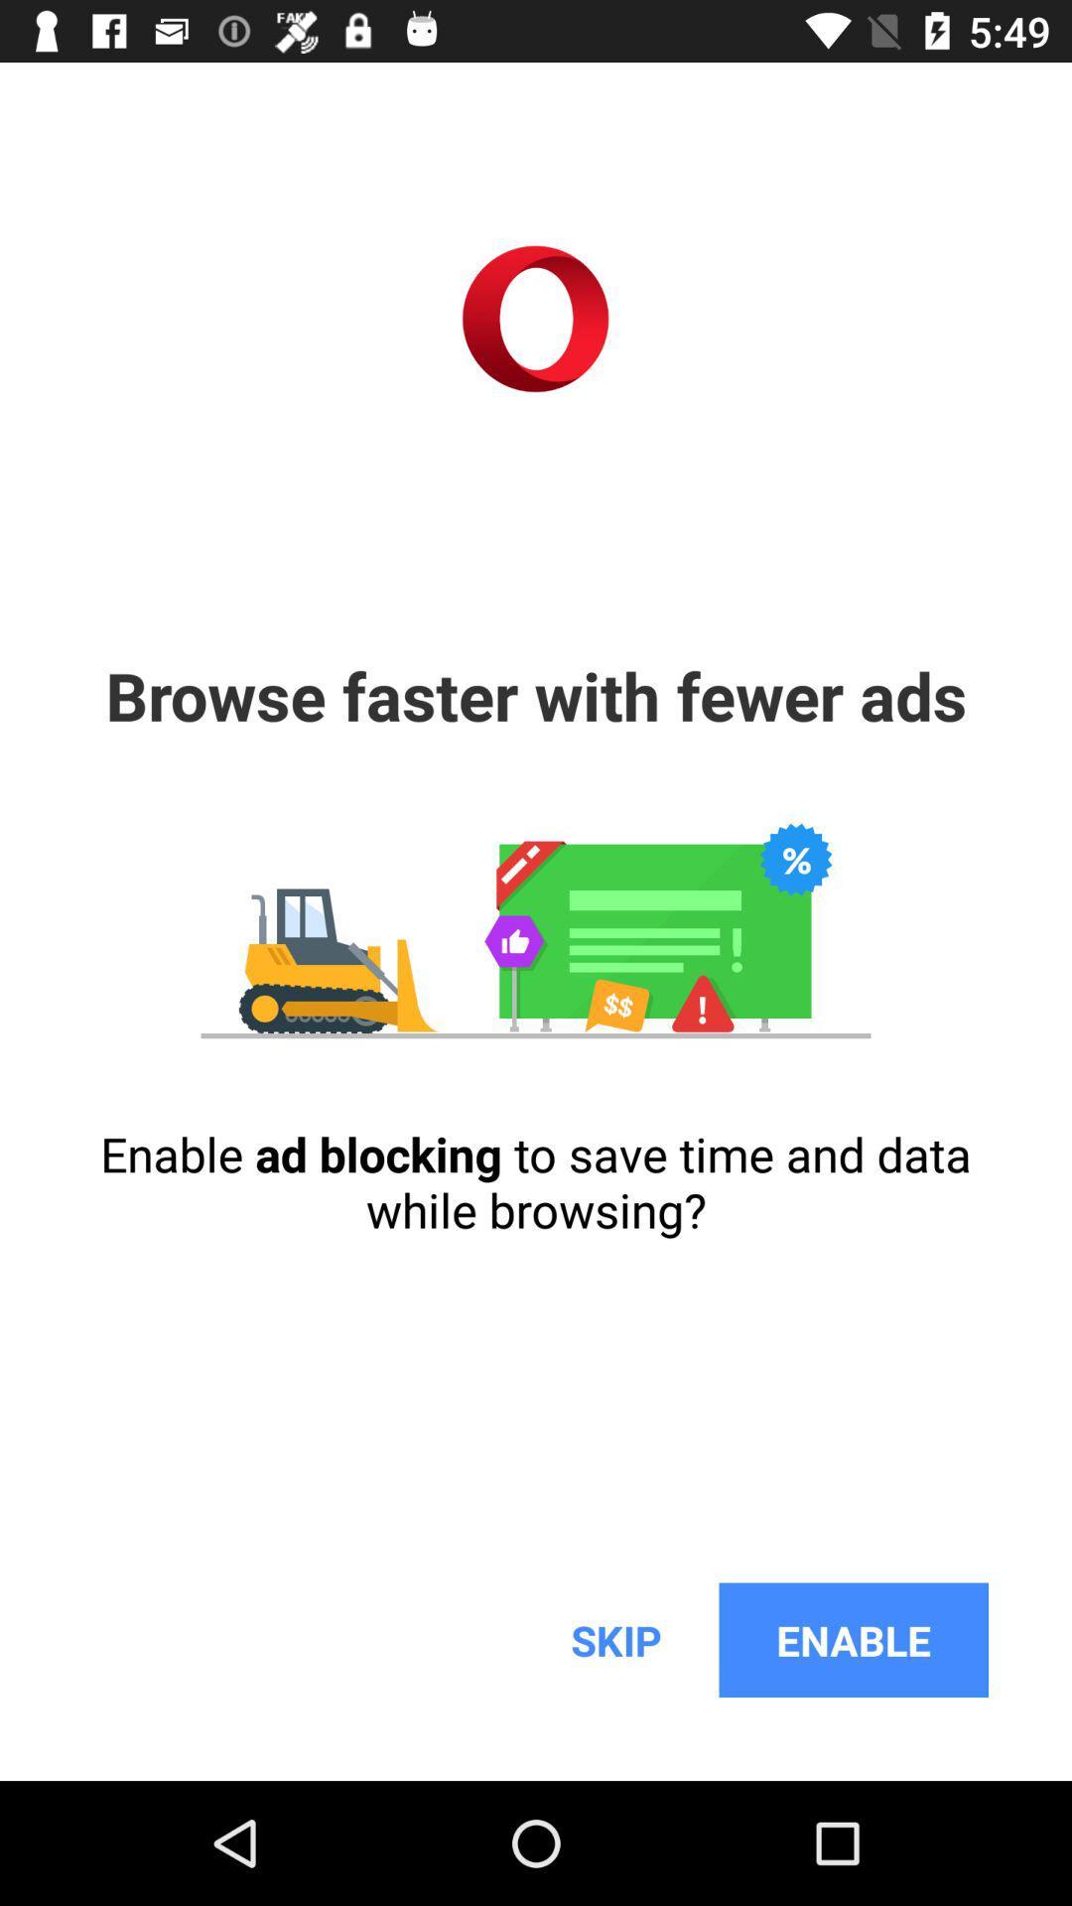  I want to click on icon below the enable ad blocking, so click(615, 1640).